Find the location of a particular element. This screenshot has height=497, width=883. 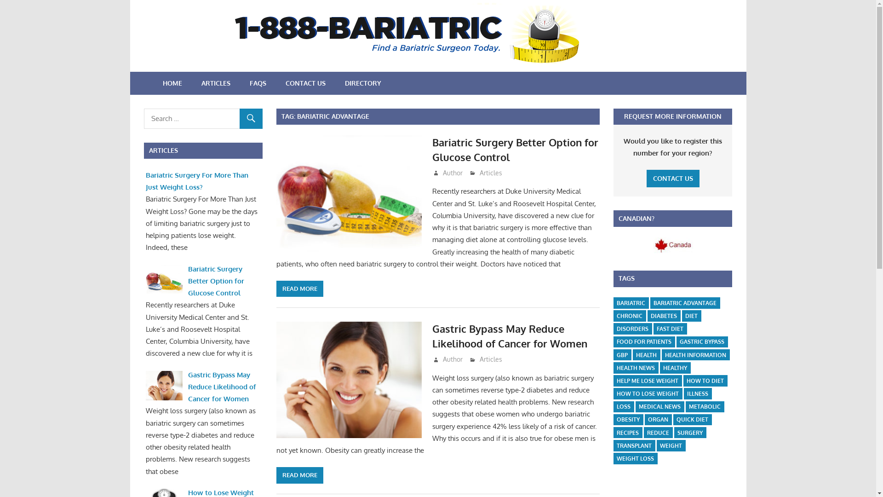

'WEIGHT' is located at coordinates (671, 445).